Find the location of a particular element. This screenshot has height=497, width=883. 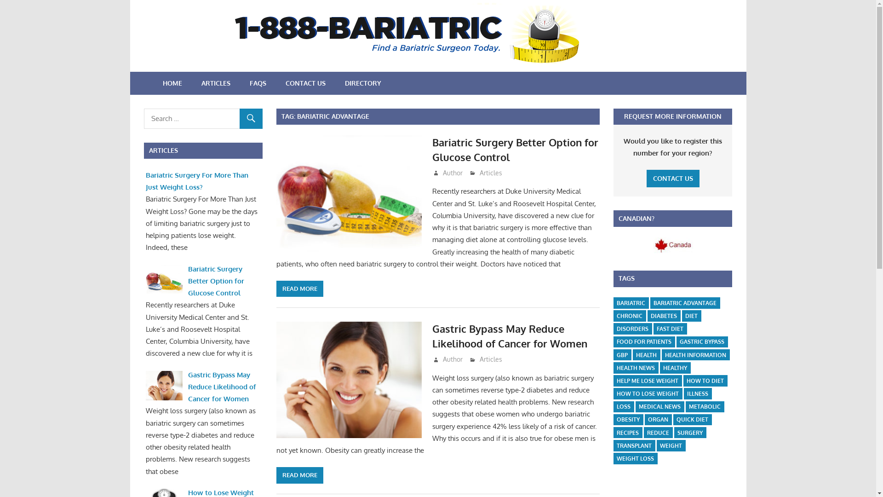

'WEIGHT' is located at coordinates (671, 445).